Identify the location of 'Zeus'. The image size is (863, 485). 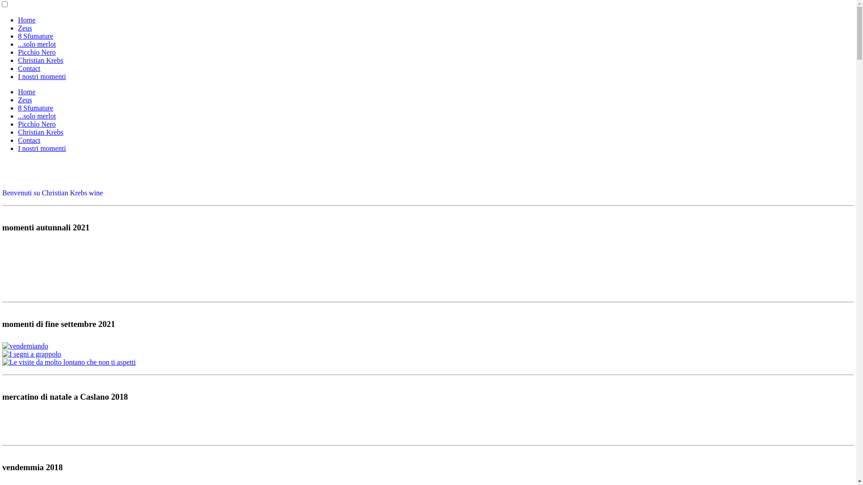
(25, 27).